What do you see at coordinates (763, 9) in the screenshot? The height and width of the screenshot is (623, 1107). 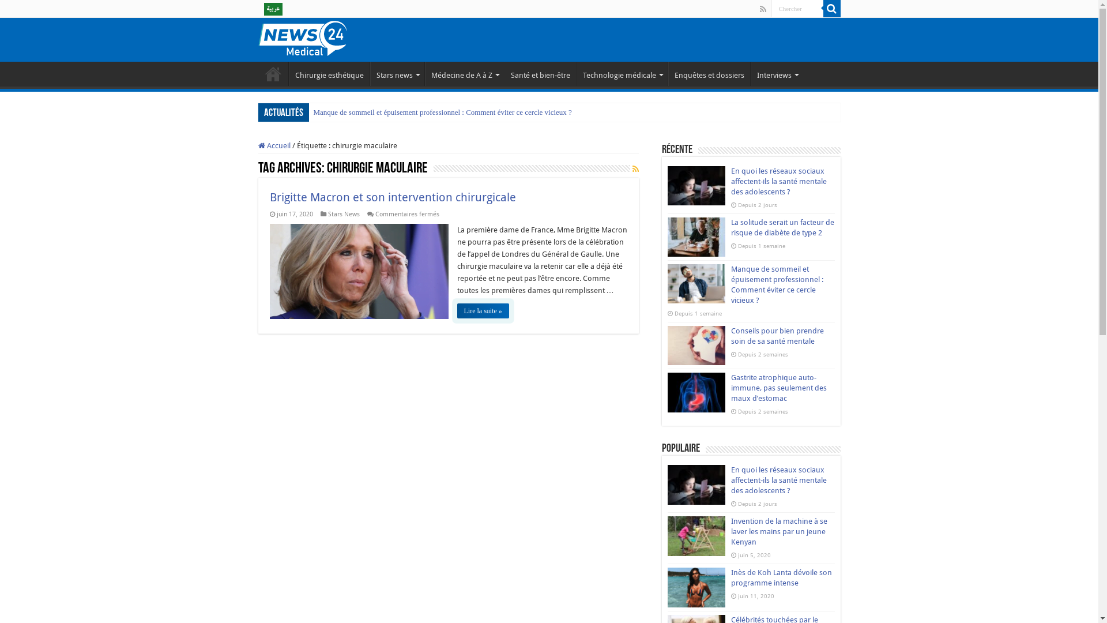 I see `'Rss'` at bounding box center [763, 9].